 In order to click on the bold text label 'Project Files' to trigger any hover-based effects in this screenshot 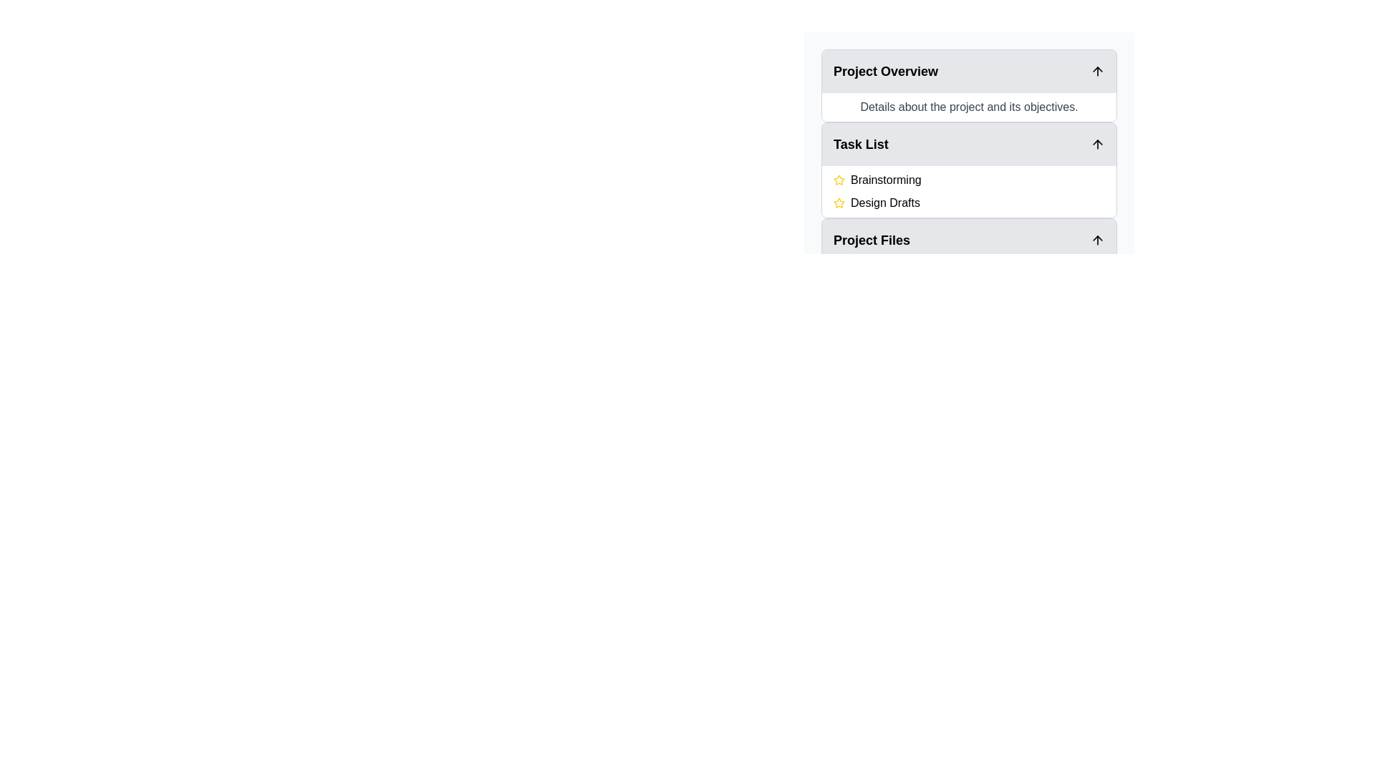, I will do `click(871, 239)`.